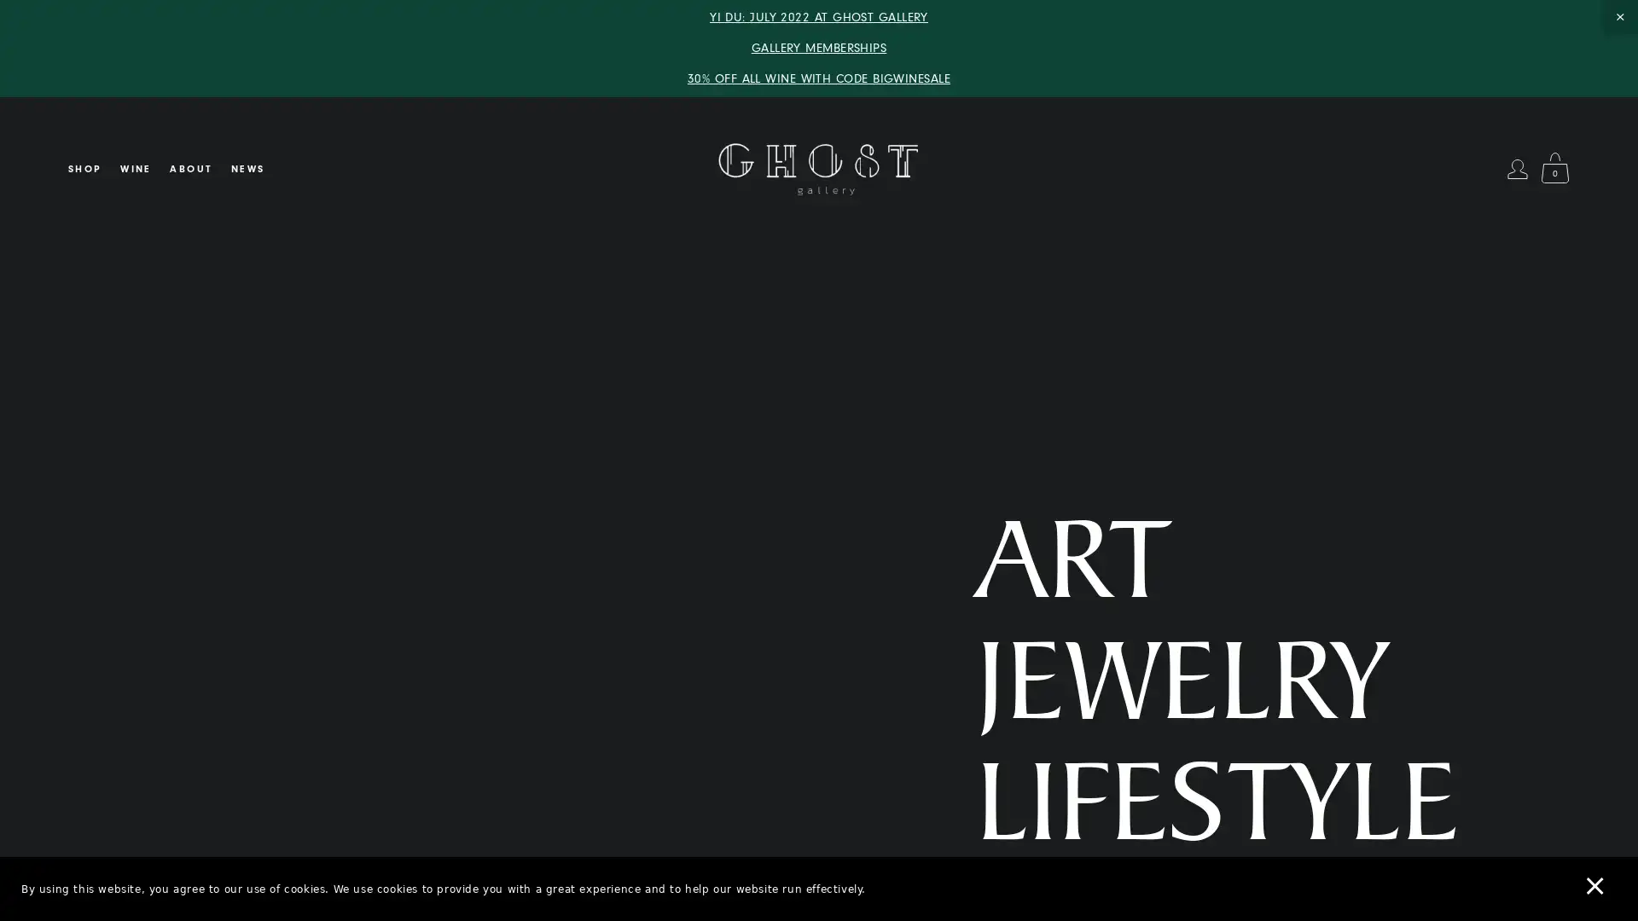 Image resolution: width=1638 pixels, height=921 pixels. I want to click on Close, so click(1552, 407).